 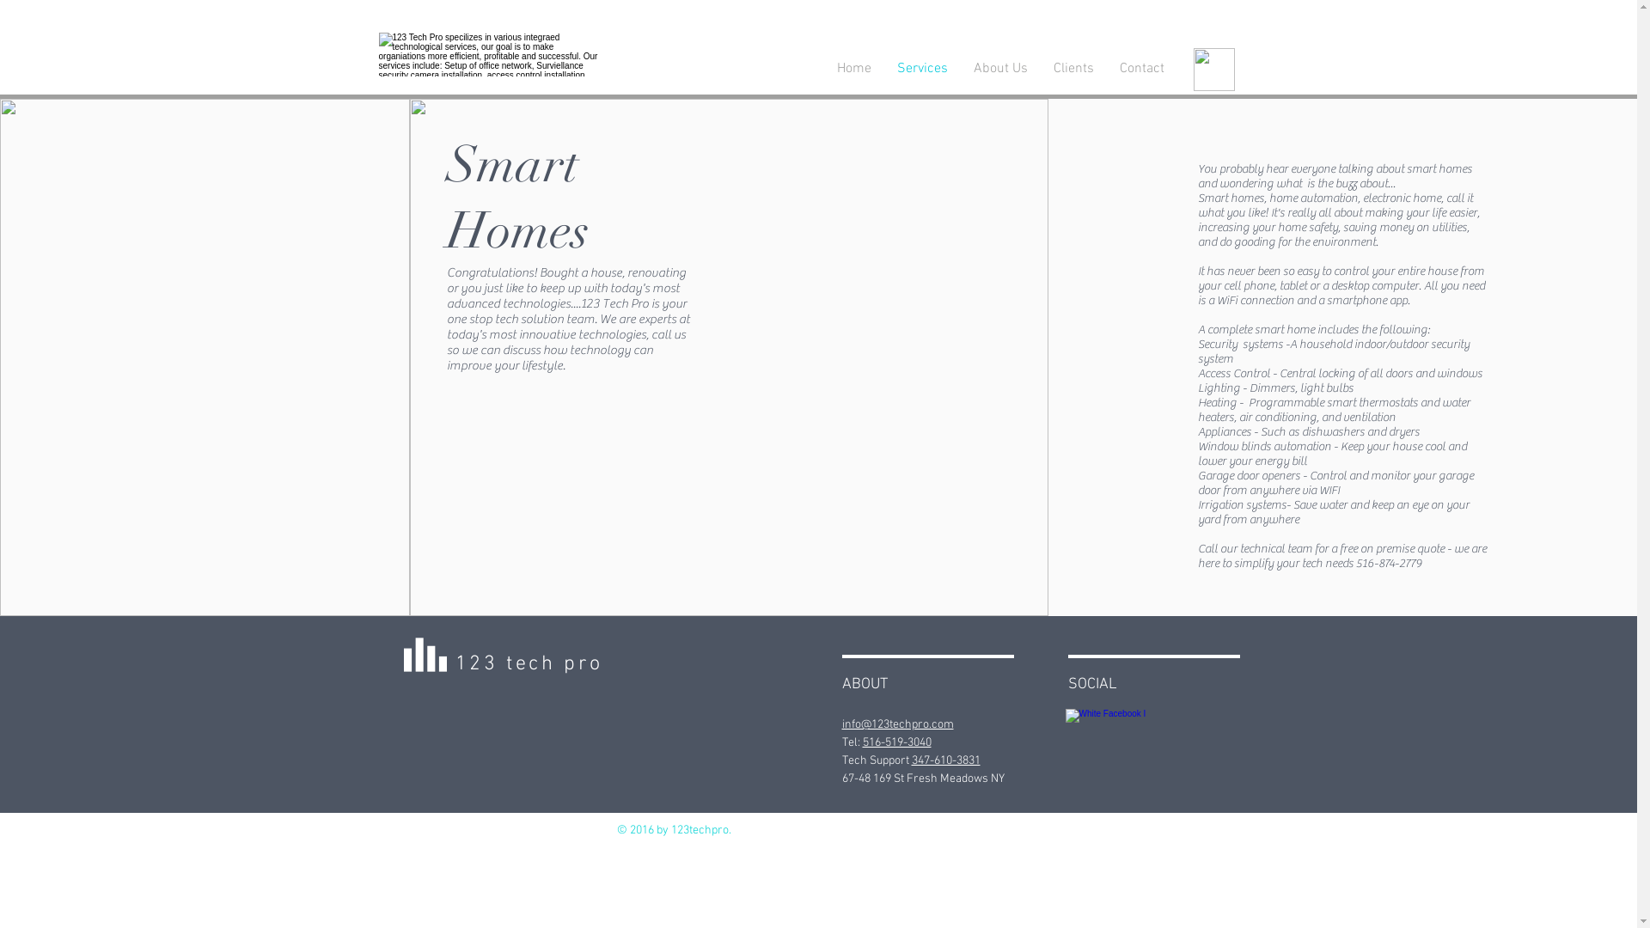 What do you see at coordinates (528, 662) in the screenshot?
I see `'123 tech pro'` at bounding box center [528, 662].